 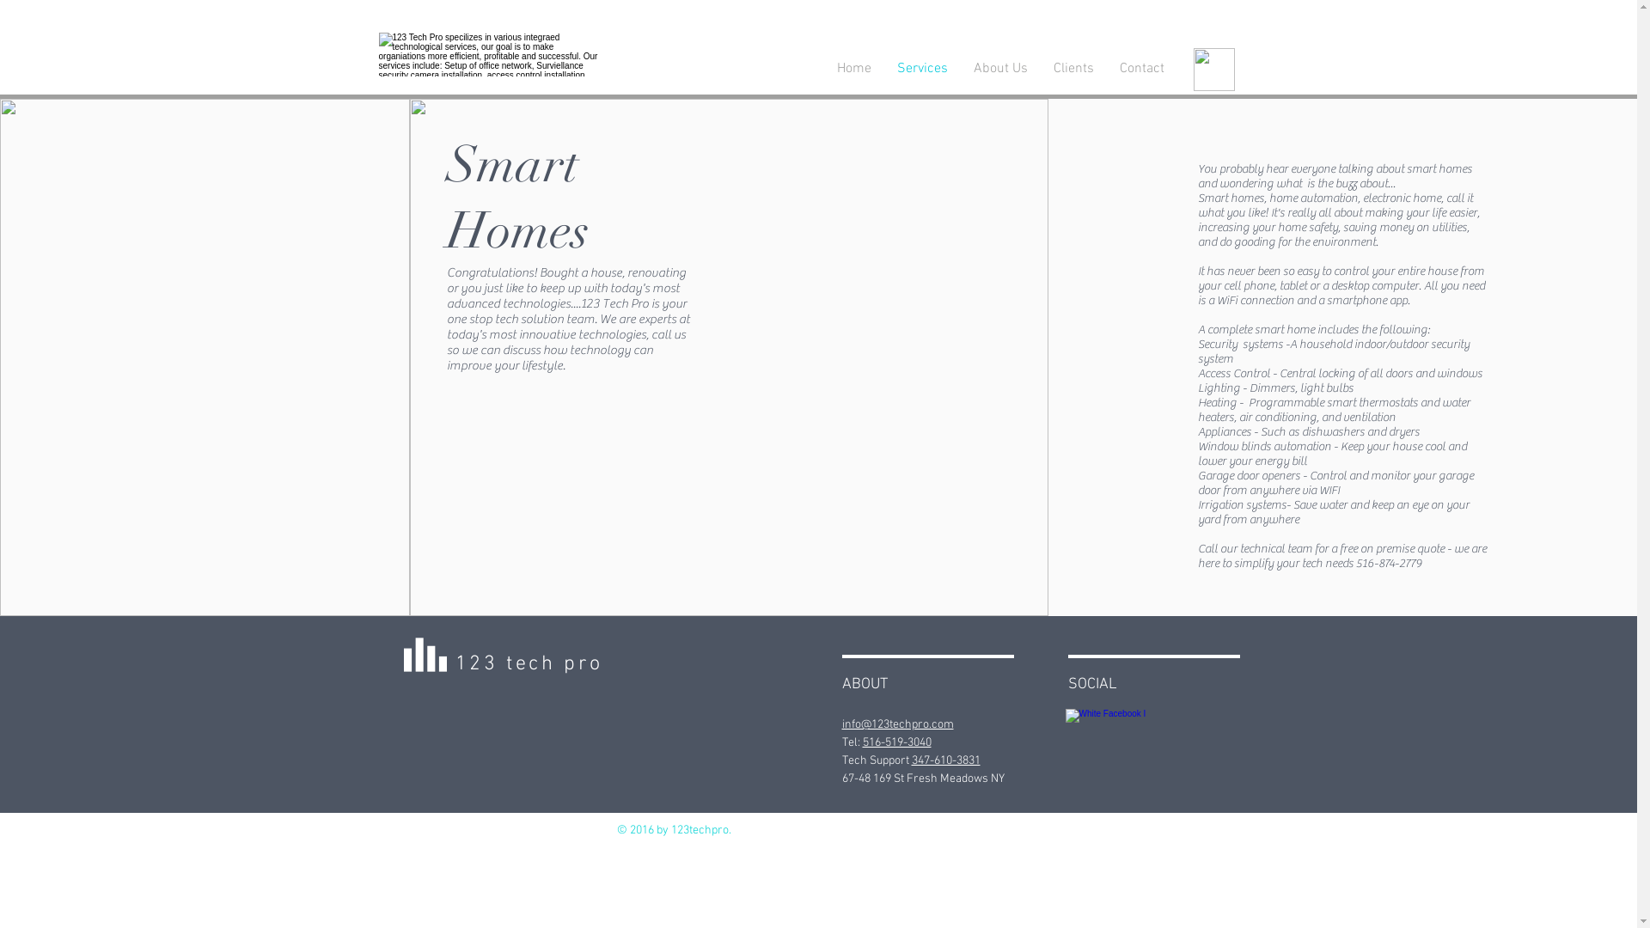 What do you see at coordinates (528, 662) in the screenshot?
I see `'123 tech pro'` at bounding box center [528, 662].